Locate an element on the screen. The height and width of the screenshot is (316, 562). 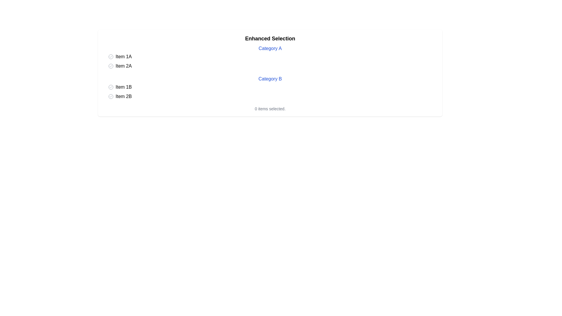
text from the status indicator Text label at the bottom of the card to understand the selection status is located at coordinates (270, 109).